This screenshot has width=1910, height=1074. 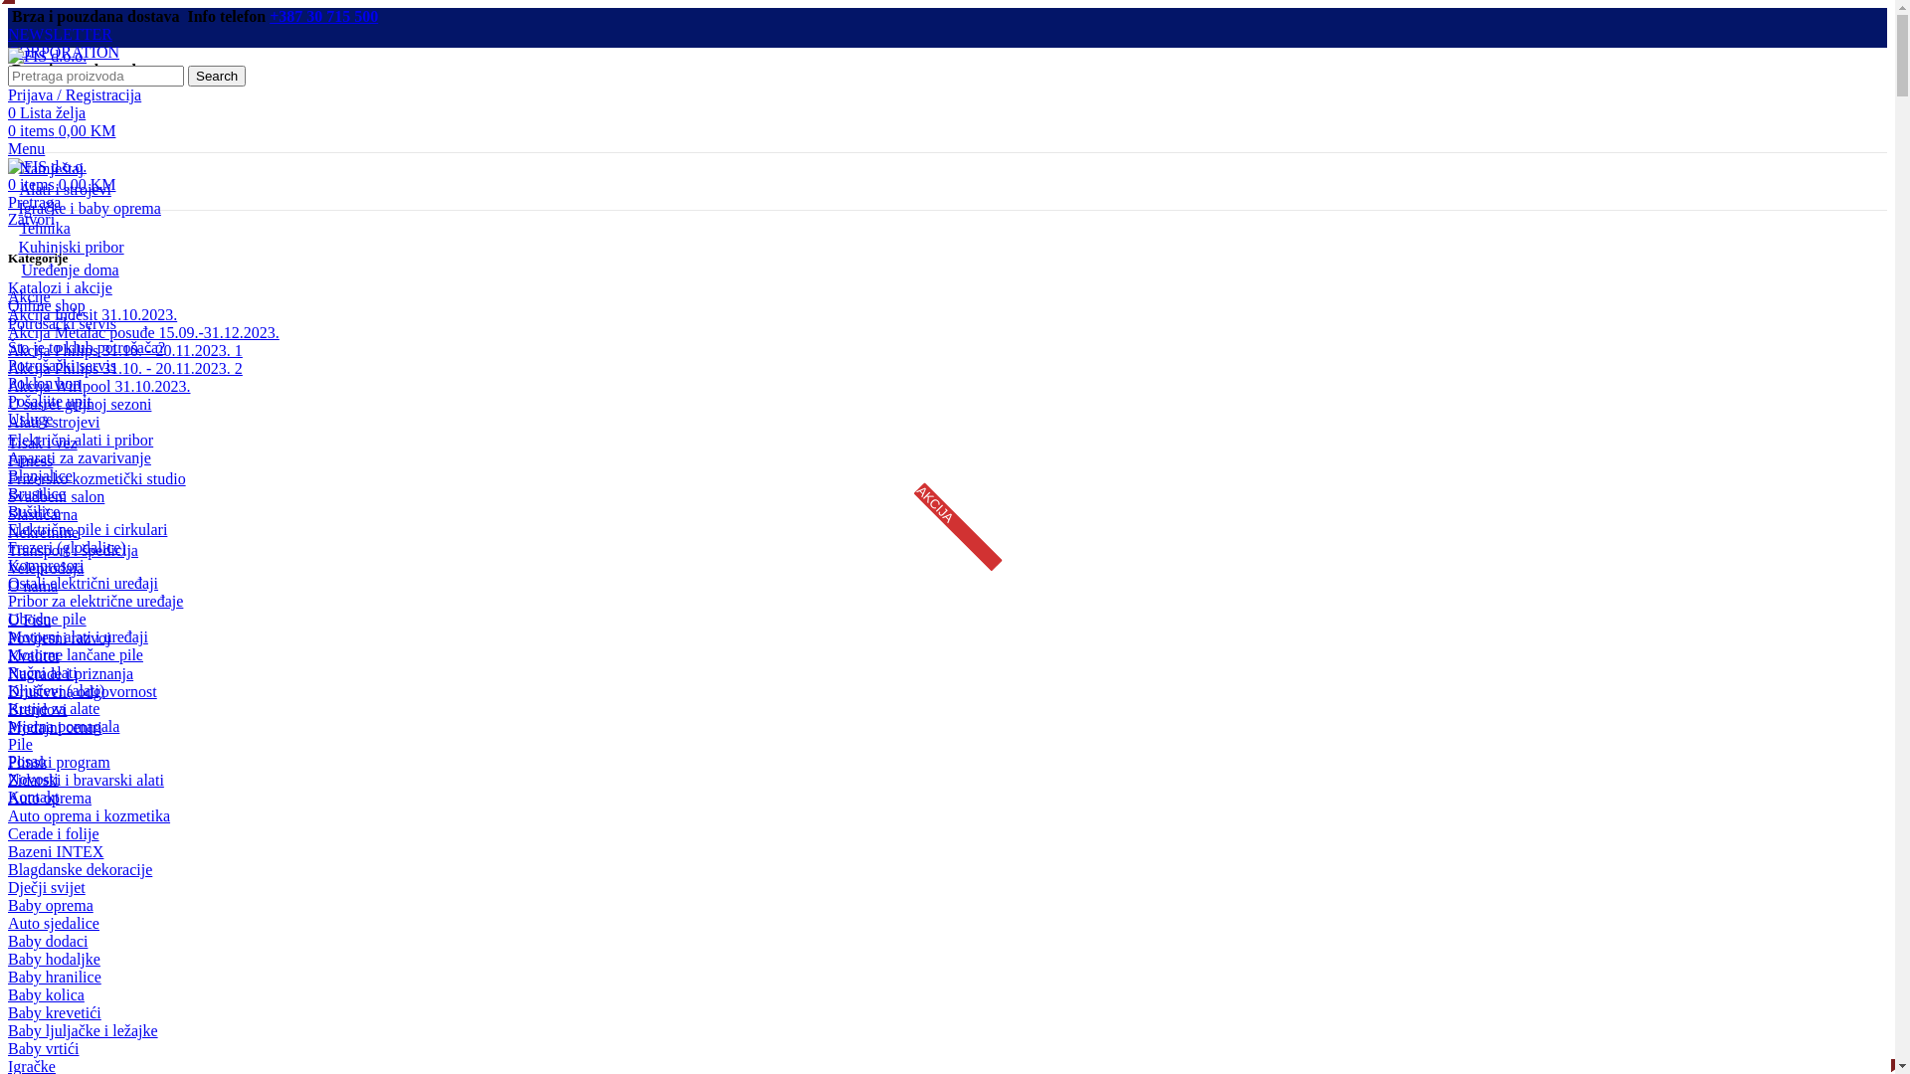 I want to click on 'Kuhinjski pribor', so click(x=66, y=246).